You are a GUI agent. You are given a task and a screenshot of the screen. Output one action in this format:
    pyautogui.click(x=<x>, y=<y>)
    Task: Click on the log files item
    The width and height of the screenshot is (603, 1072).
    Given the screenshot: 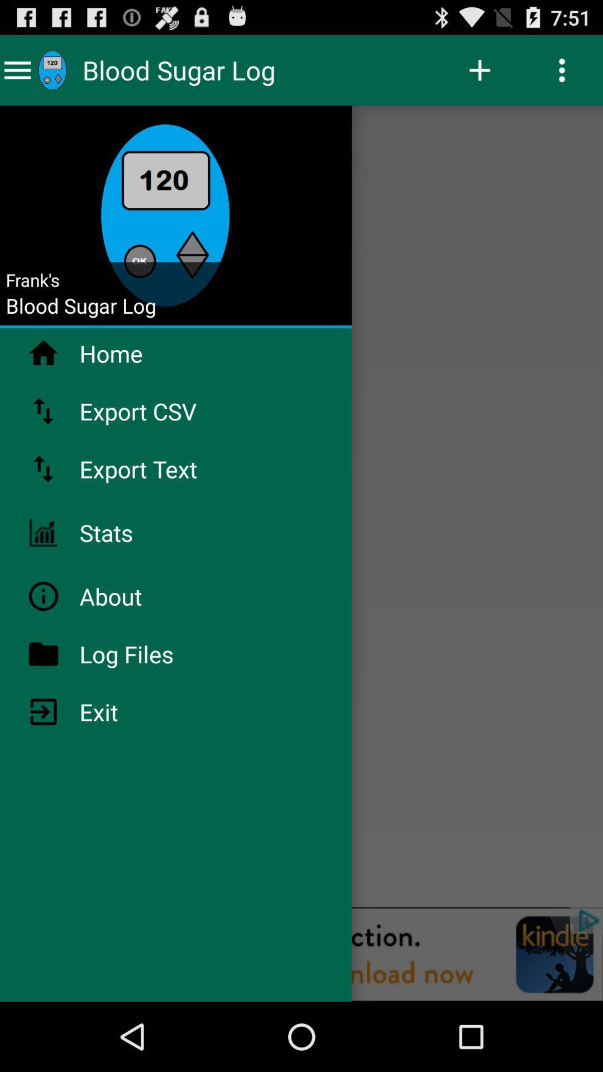 What is the action you would take?
    pyautogui.click(x=156, y=654)
    